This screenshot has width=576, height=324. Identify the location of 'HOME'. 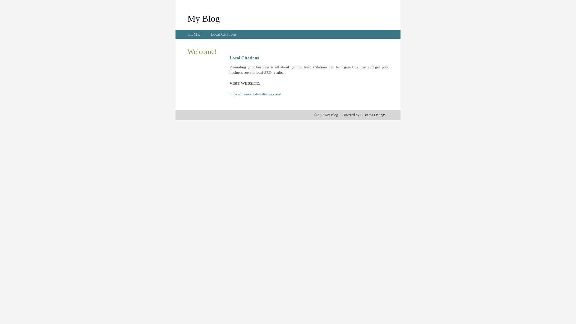
(187, 34).